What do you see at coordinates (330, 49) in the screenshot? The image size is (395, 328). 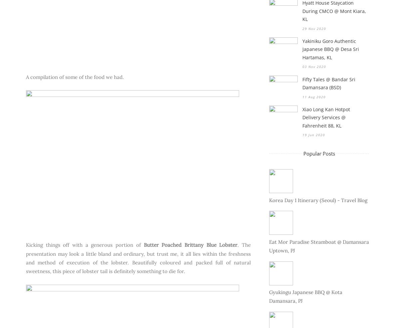 I see `'Yakiniku Goro Authentic Japanese BBQ @ Desa Sri Hartamas, KL'` at bounding box center [330, 49].